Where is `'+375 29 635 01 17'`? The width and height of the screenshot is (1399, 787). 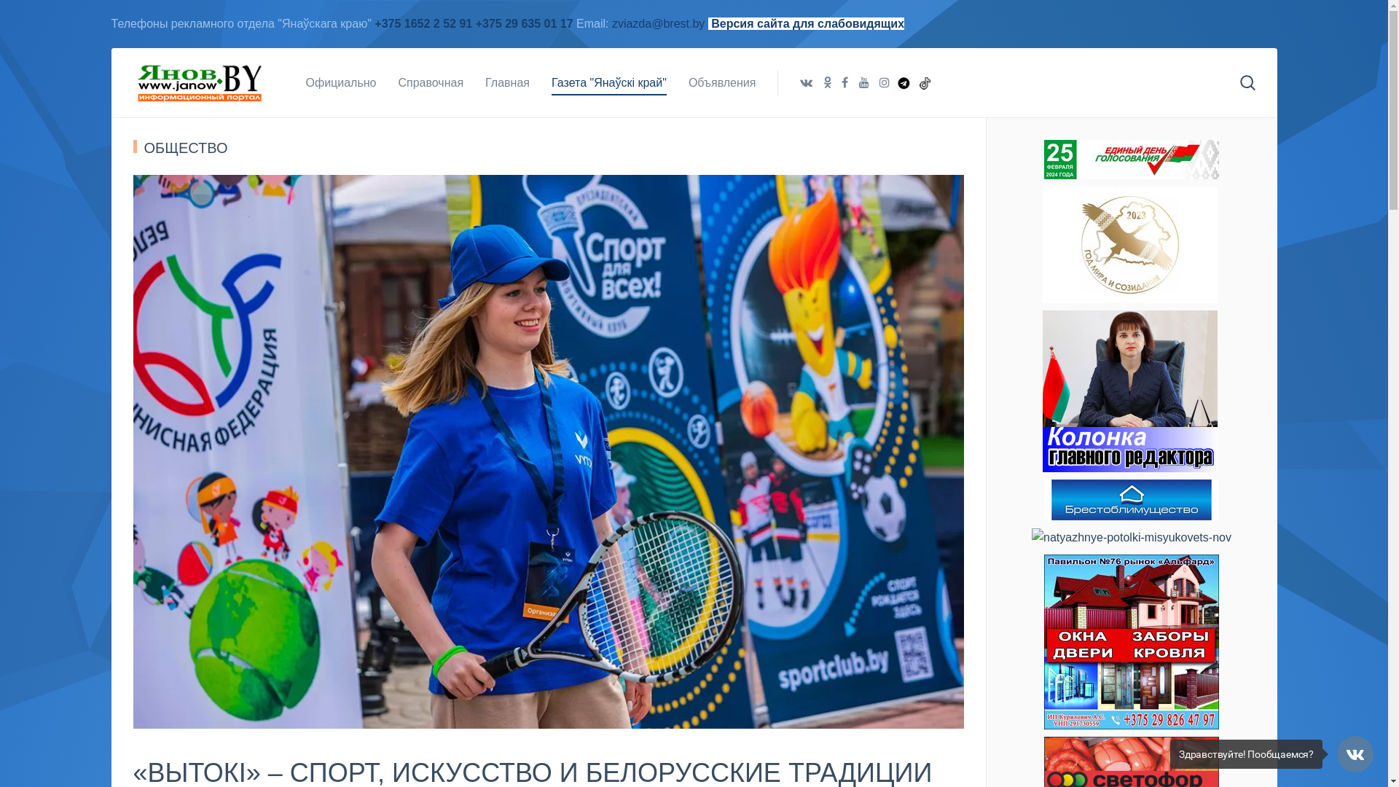 '+375 29 635 01 17' is located at coordinates (525, 23).